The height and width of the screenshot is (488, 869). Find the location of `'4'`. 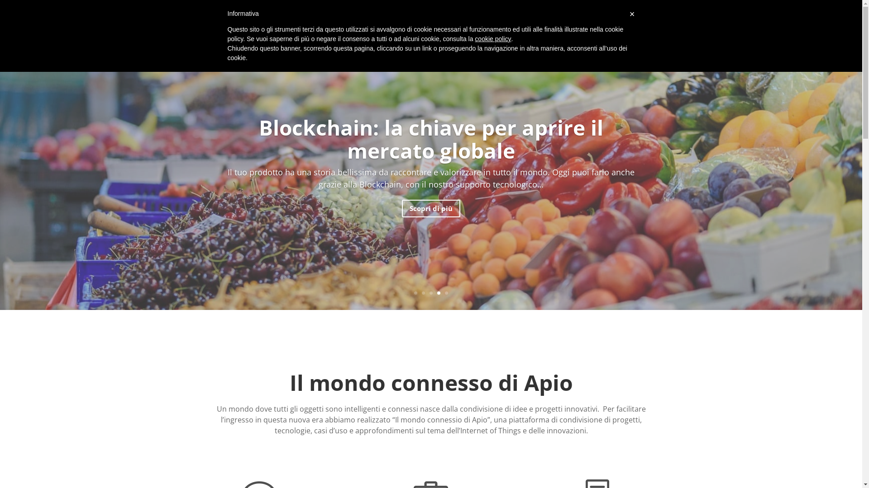

'4' is located at coordinates (439, 293).